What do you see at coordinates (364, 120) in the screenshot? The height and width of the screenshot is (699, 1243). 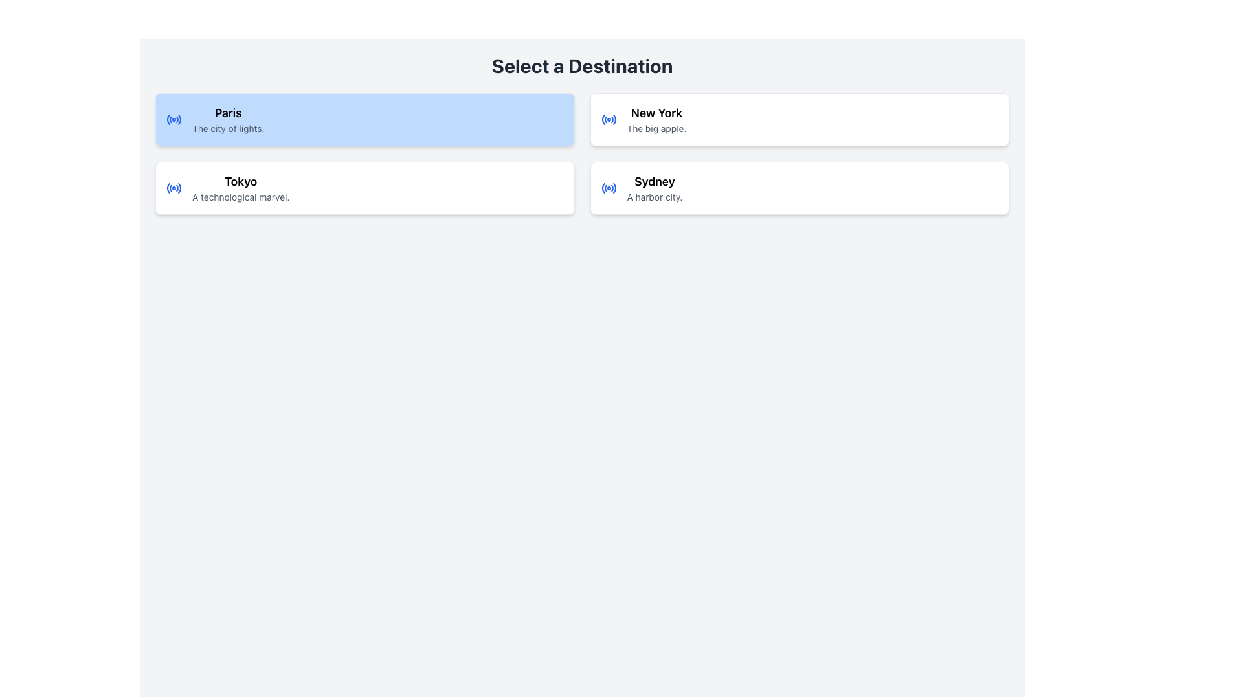 I see `the 'Paris' button-like structure containing the title 'Paris' and the description 'The city of lights.' for accessibility purposes` at bounding box center [364, 120].